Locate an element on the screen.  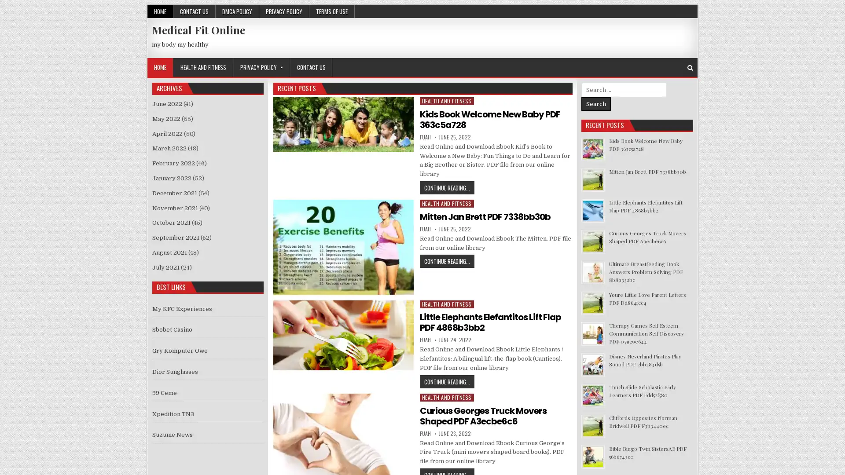
Search is located at coordinates (596, 103).